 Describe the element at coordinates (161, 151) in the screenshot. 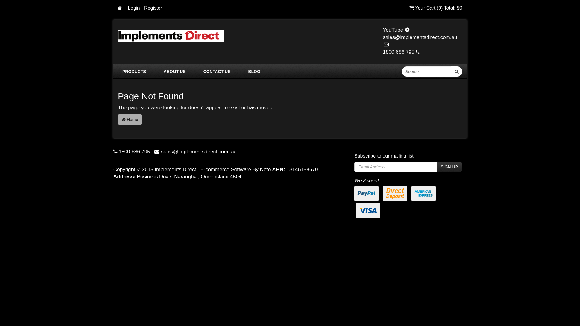

I see `'sales@implementsdirect.com.au'` at that location.